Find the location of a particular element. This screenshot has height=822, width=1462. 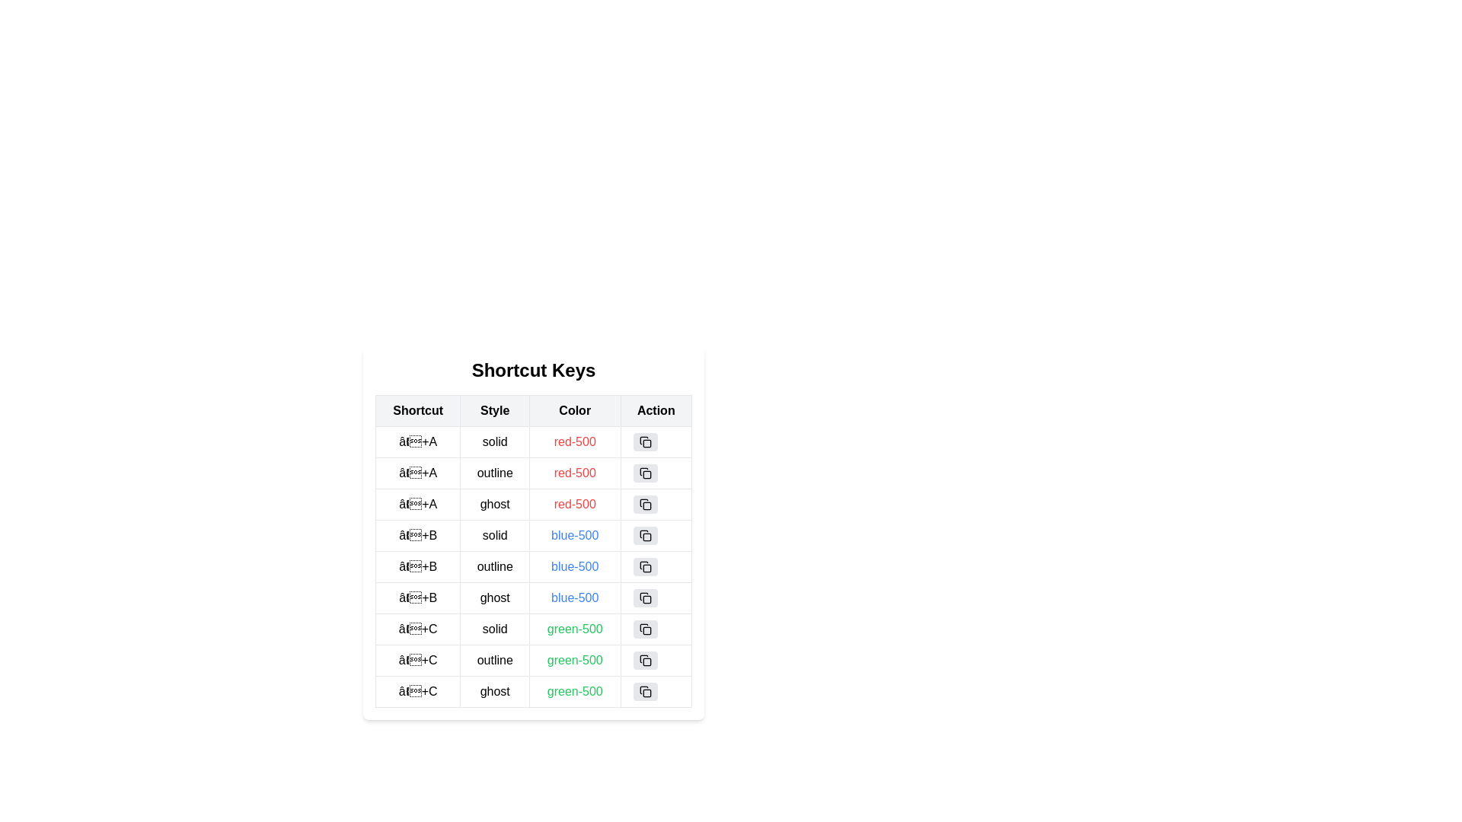

the Text Label indicating the color category 'blue-500' in the 'Color' column of the settings table, which corresponds to the 'ghost' style is located at coordinates (574, 597).